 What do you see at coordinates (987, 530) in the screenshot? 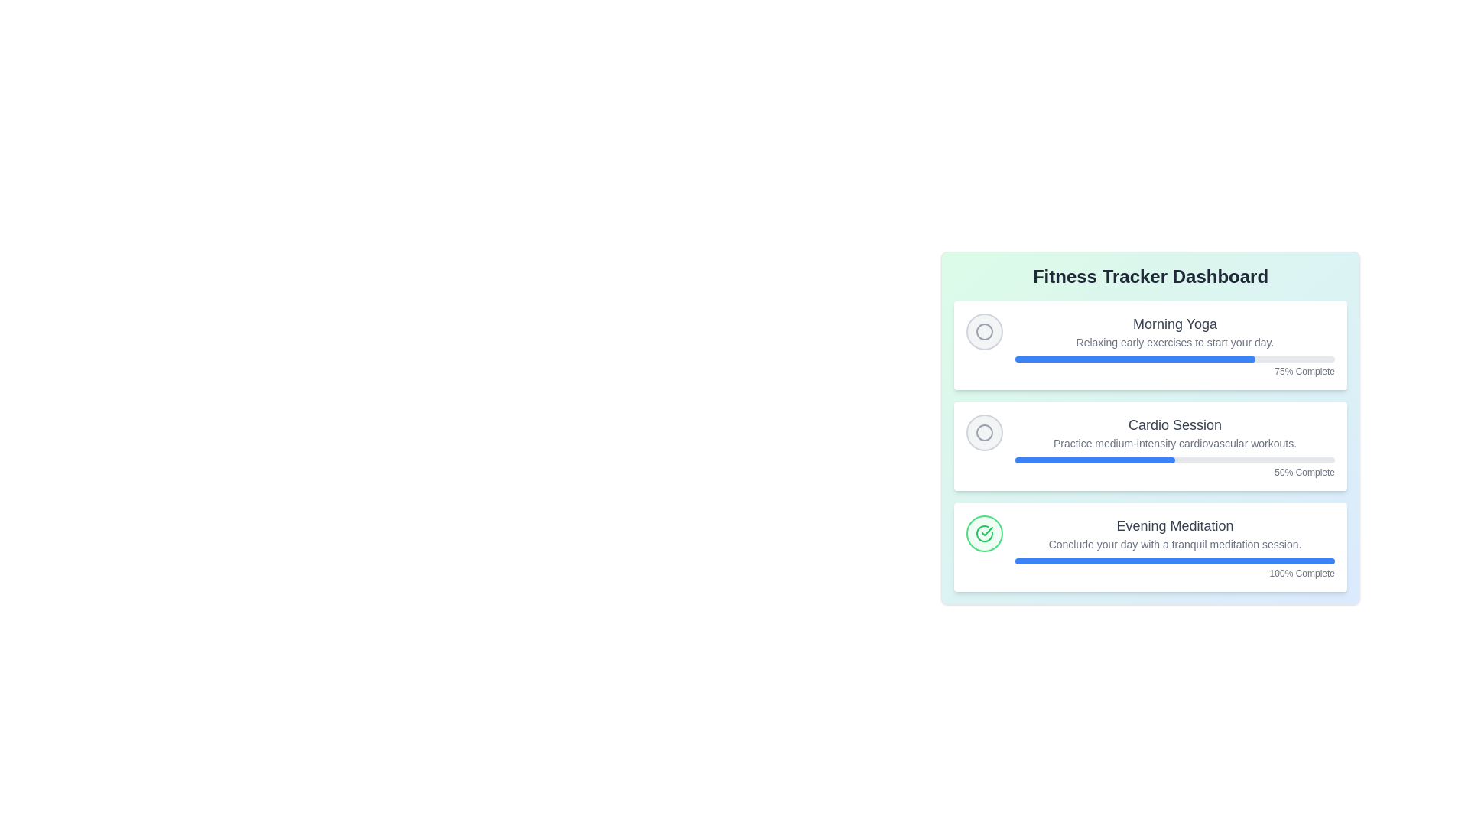
I see `the completion indicator icon located at the lower-right section of the 'Evening Meditation' progress card on the dashboard` at bounding box center [987, 530].